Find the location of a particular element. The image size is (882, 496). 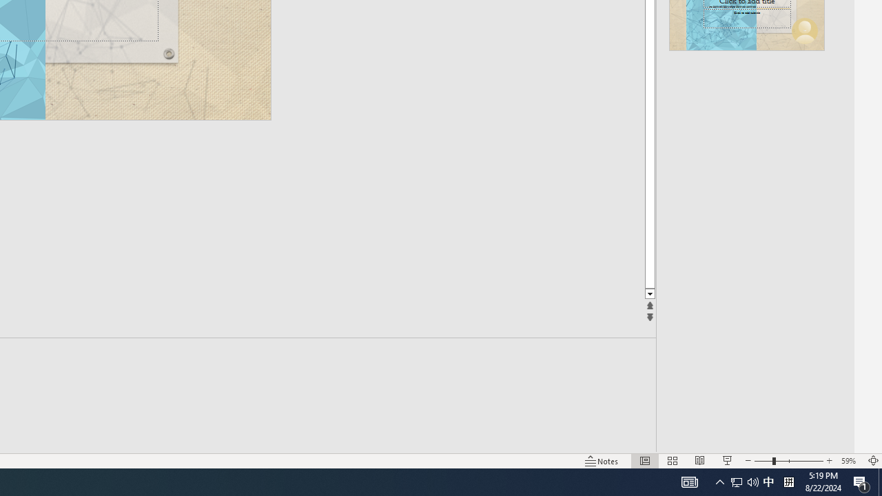

'Zoom 59%' is located at coordinates (850, 461).